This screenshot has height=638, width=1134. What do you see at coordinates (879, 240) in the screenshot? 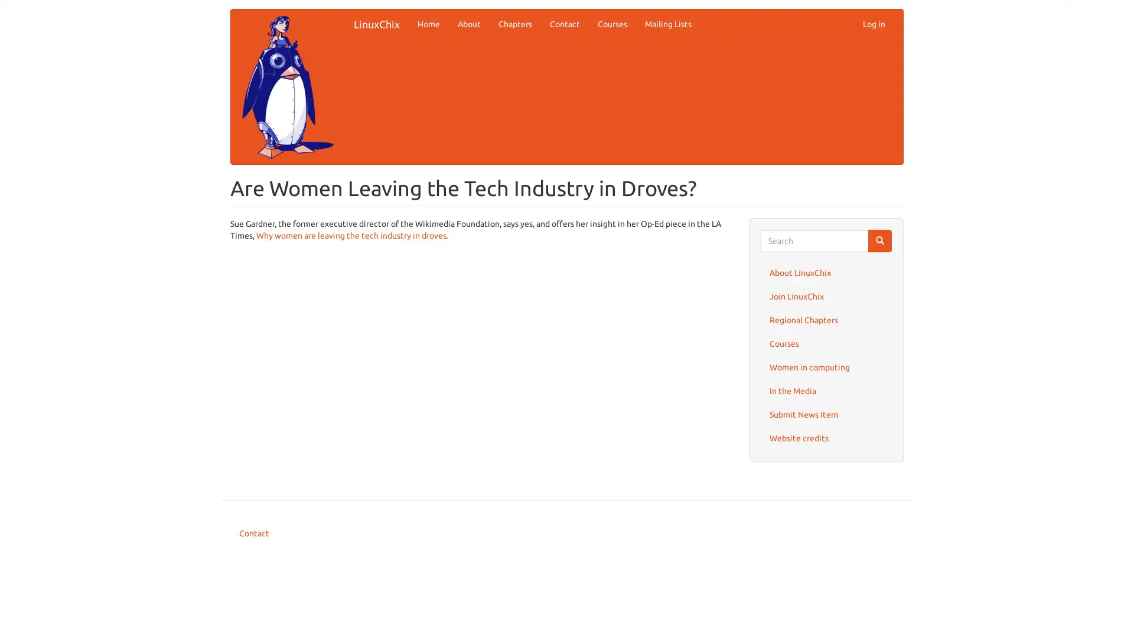
I see `Search` at bounding box center [879, 240].